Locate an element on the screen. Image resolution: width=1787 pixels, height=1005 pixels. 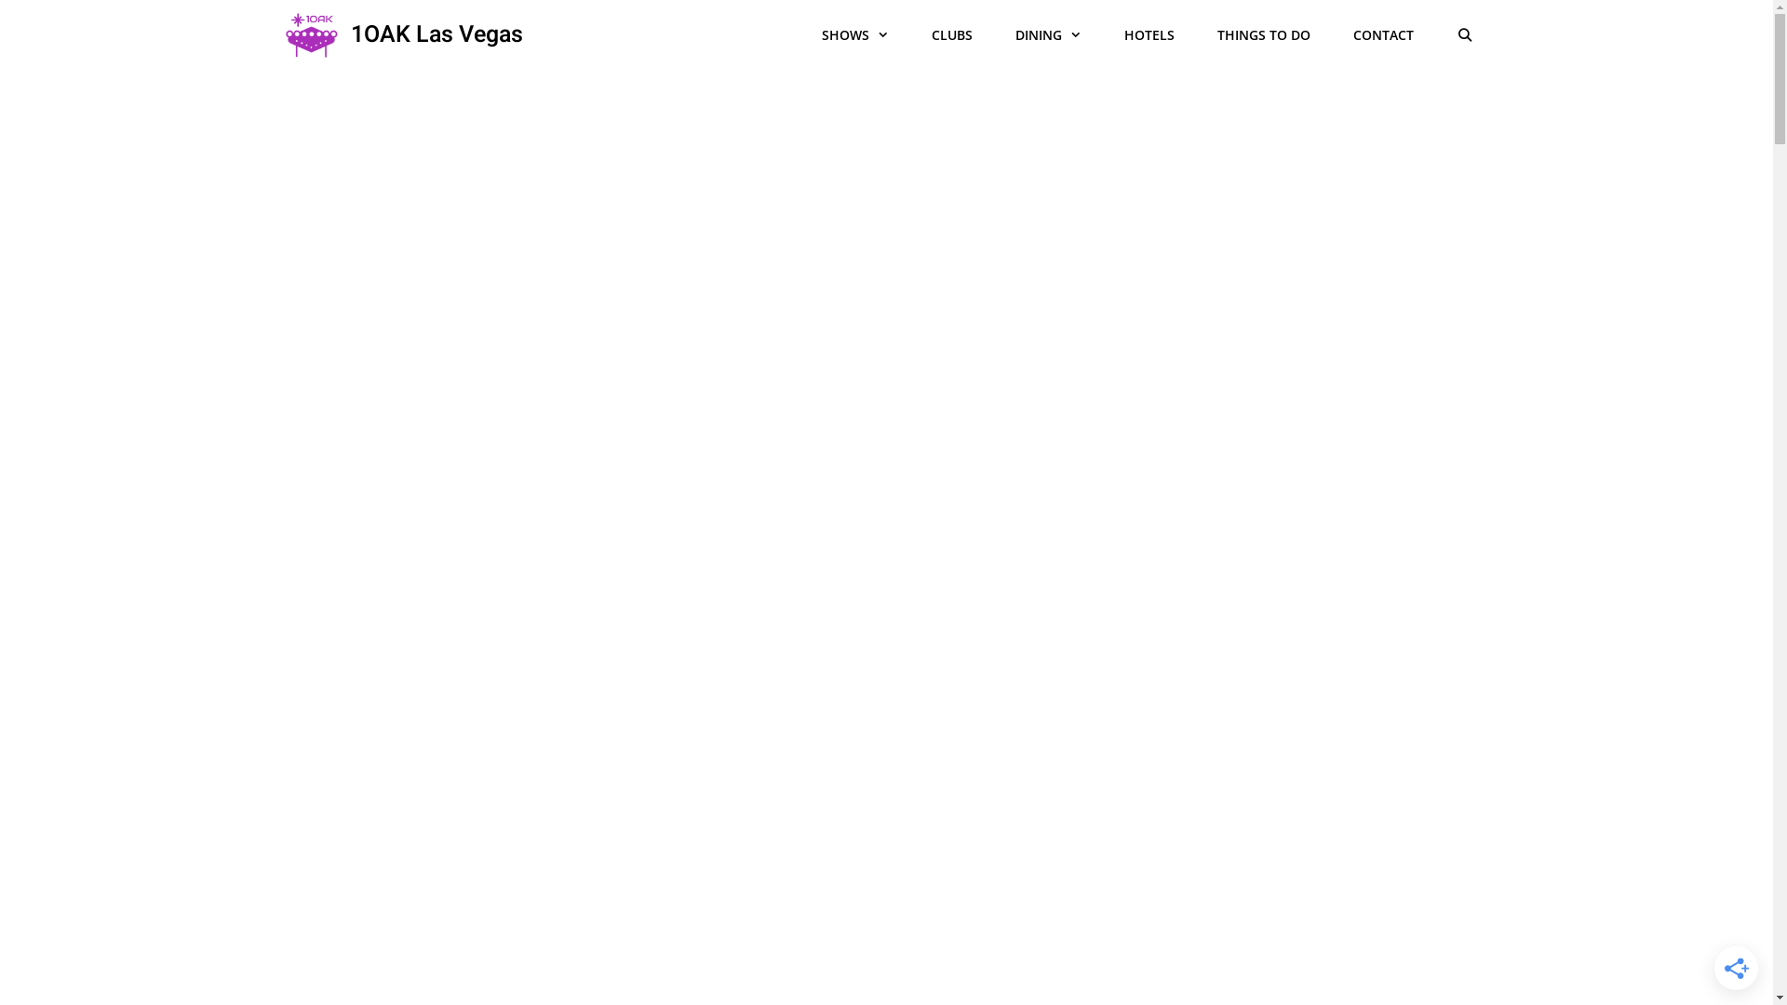
'HOTELS' is located at coordinates (1148, 35).